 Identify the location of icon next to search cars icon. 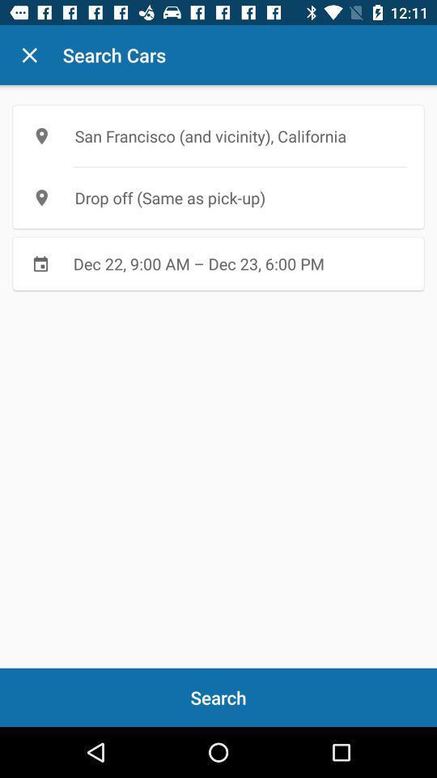
(29, 55).